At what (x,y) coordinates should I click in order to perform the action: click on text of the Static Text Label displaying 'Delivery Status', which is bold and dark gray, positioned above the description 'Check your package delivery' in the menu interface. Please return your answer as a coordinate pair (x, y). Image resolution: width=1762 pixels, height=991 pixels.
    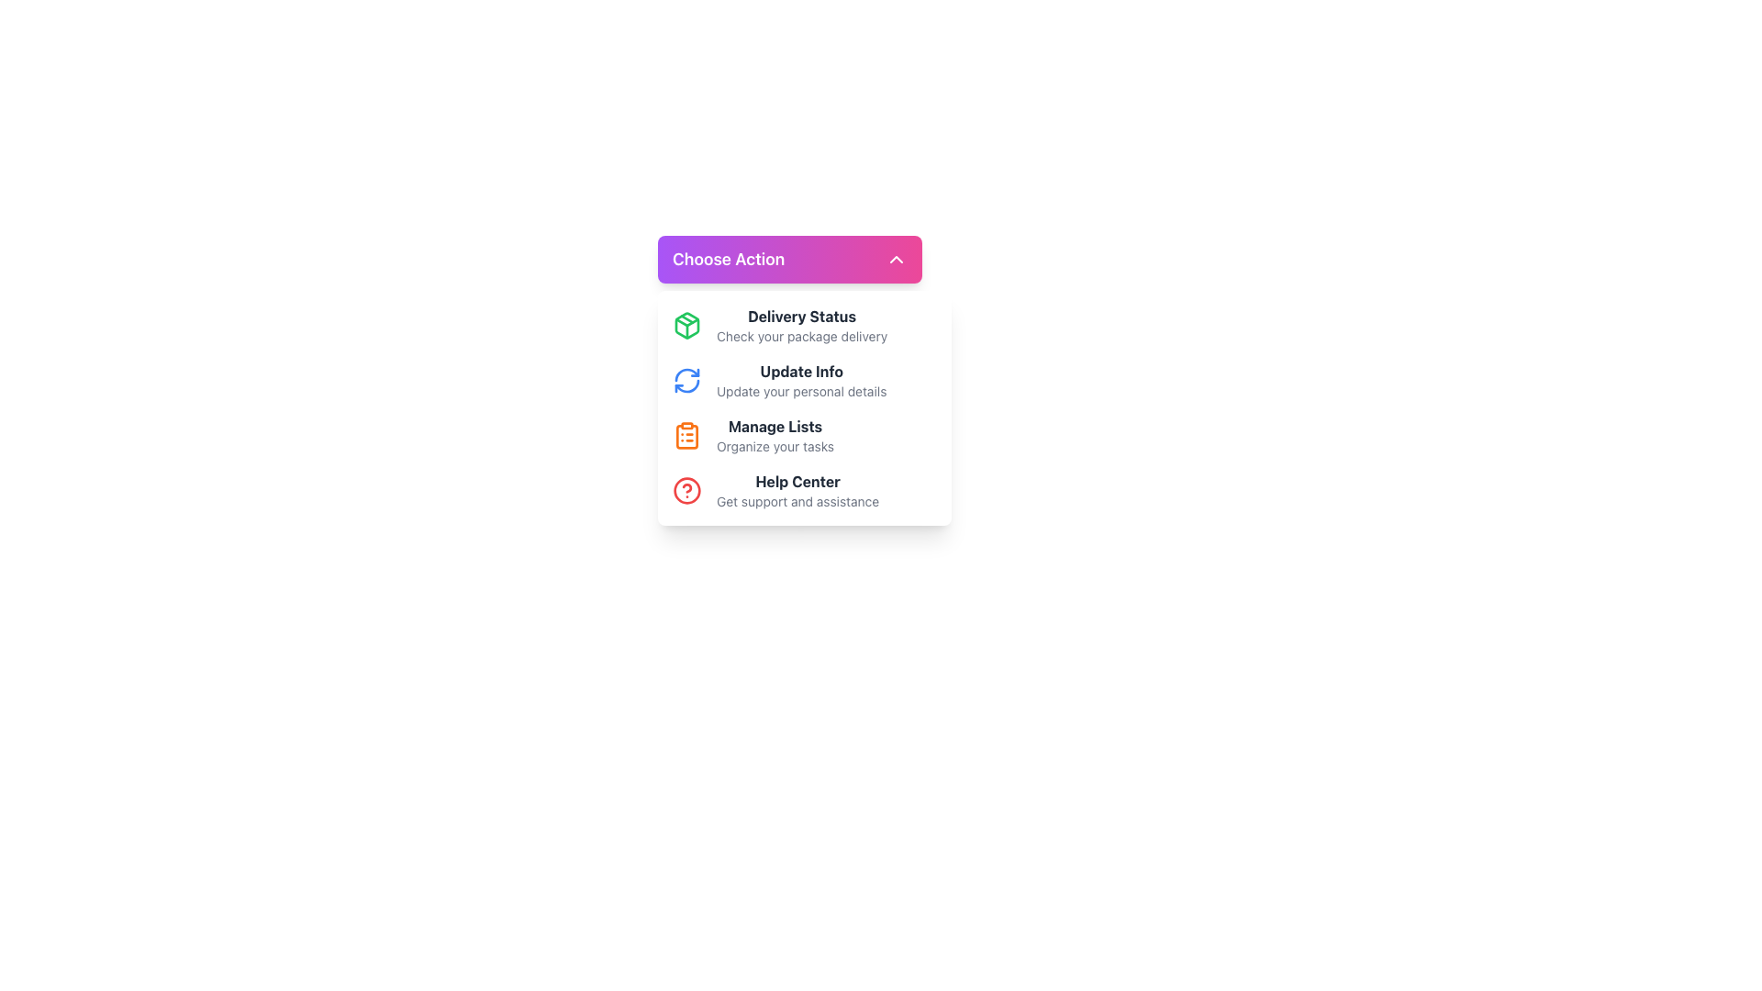
    Looking at the image, I should click on (802, 315).